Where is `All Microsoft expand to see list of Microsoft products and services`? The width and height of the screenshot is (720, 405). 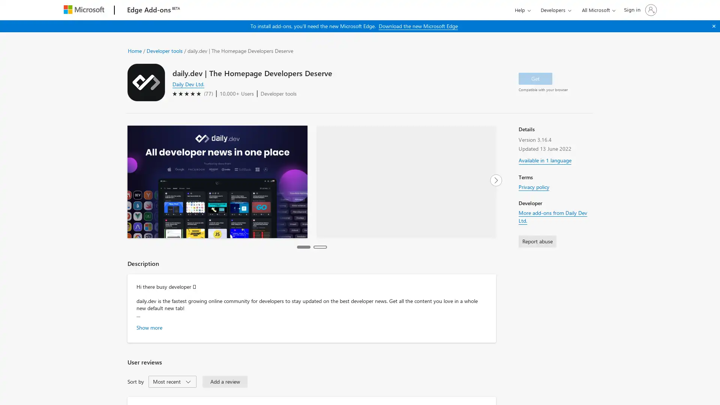
All Microsoft expand to see list of Microsoft products and services is located at coordinates (597, 10).